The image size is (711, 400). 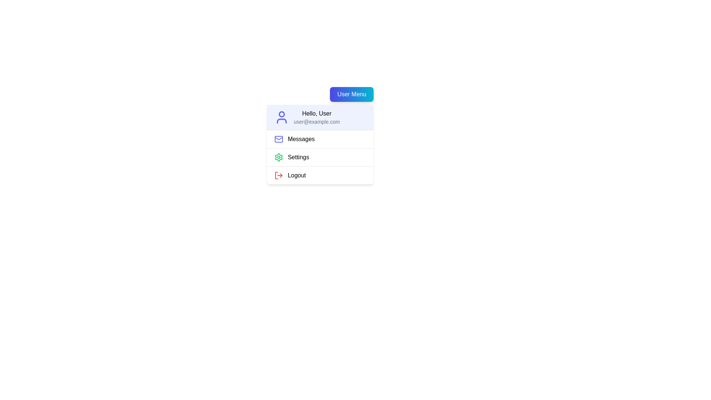 I want to click on the menu option Messages to interact with it, so click(x=320, y=139).